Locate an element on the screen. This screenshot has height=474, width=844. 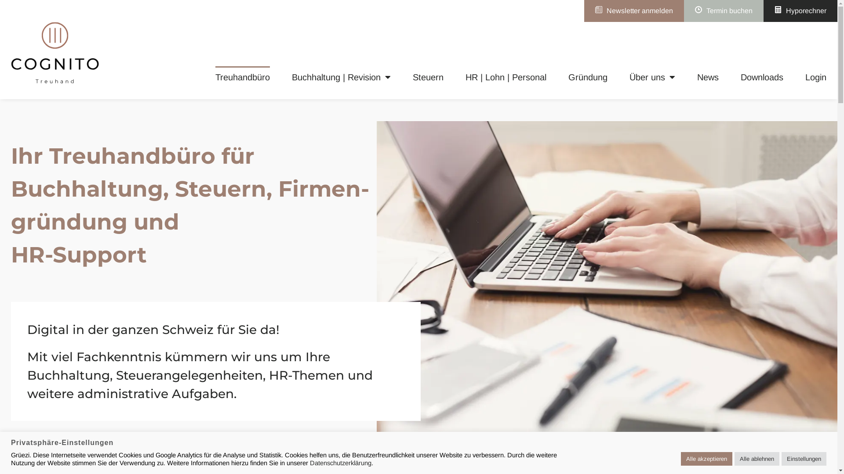
'Steuern' is located at coordinates (428, 77).